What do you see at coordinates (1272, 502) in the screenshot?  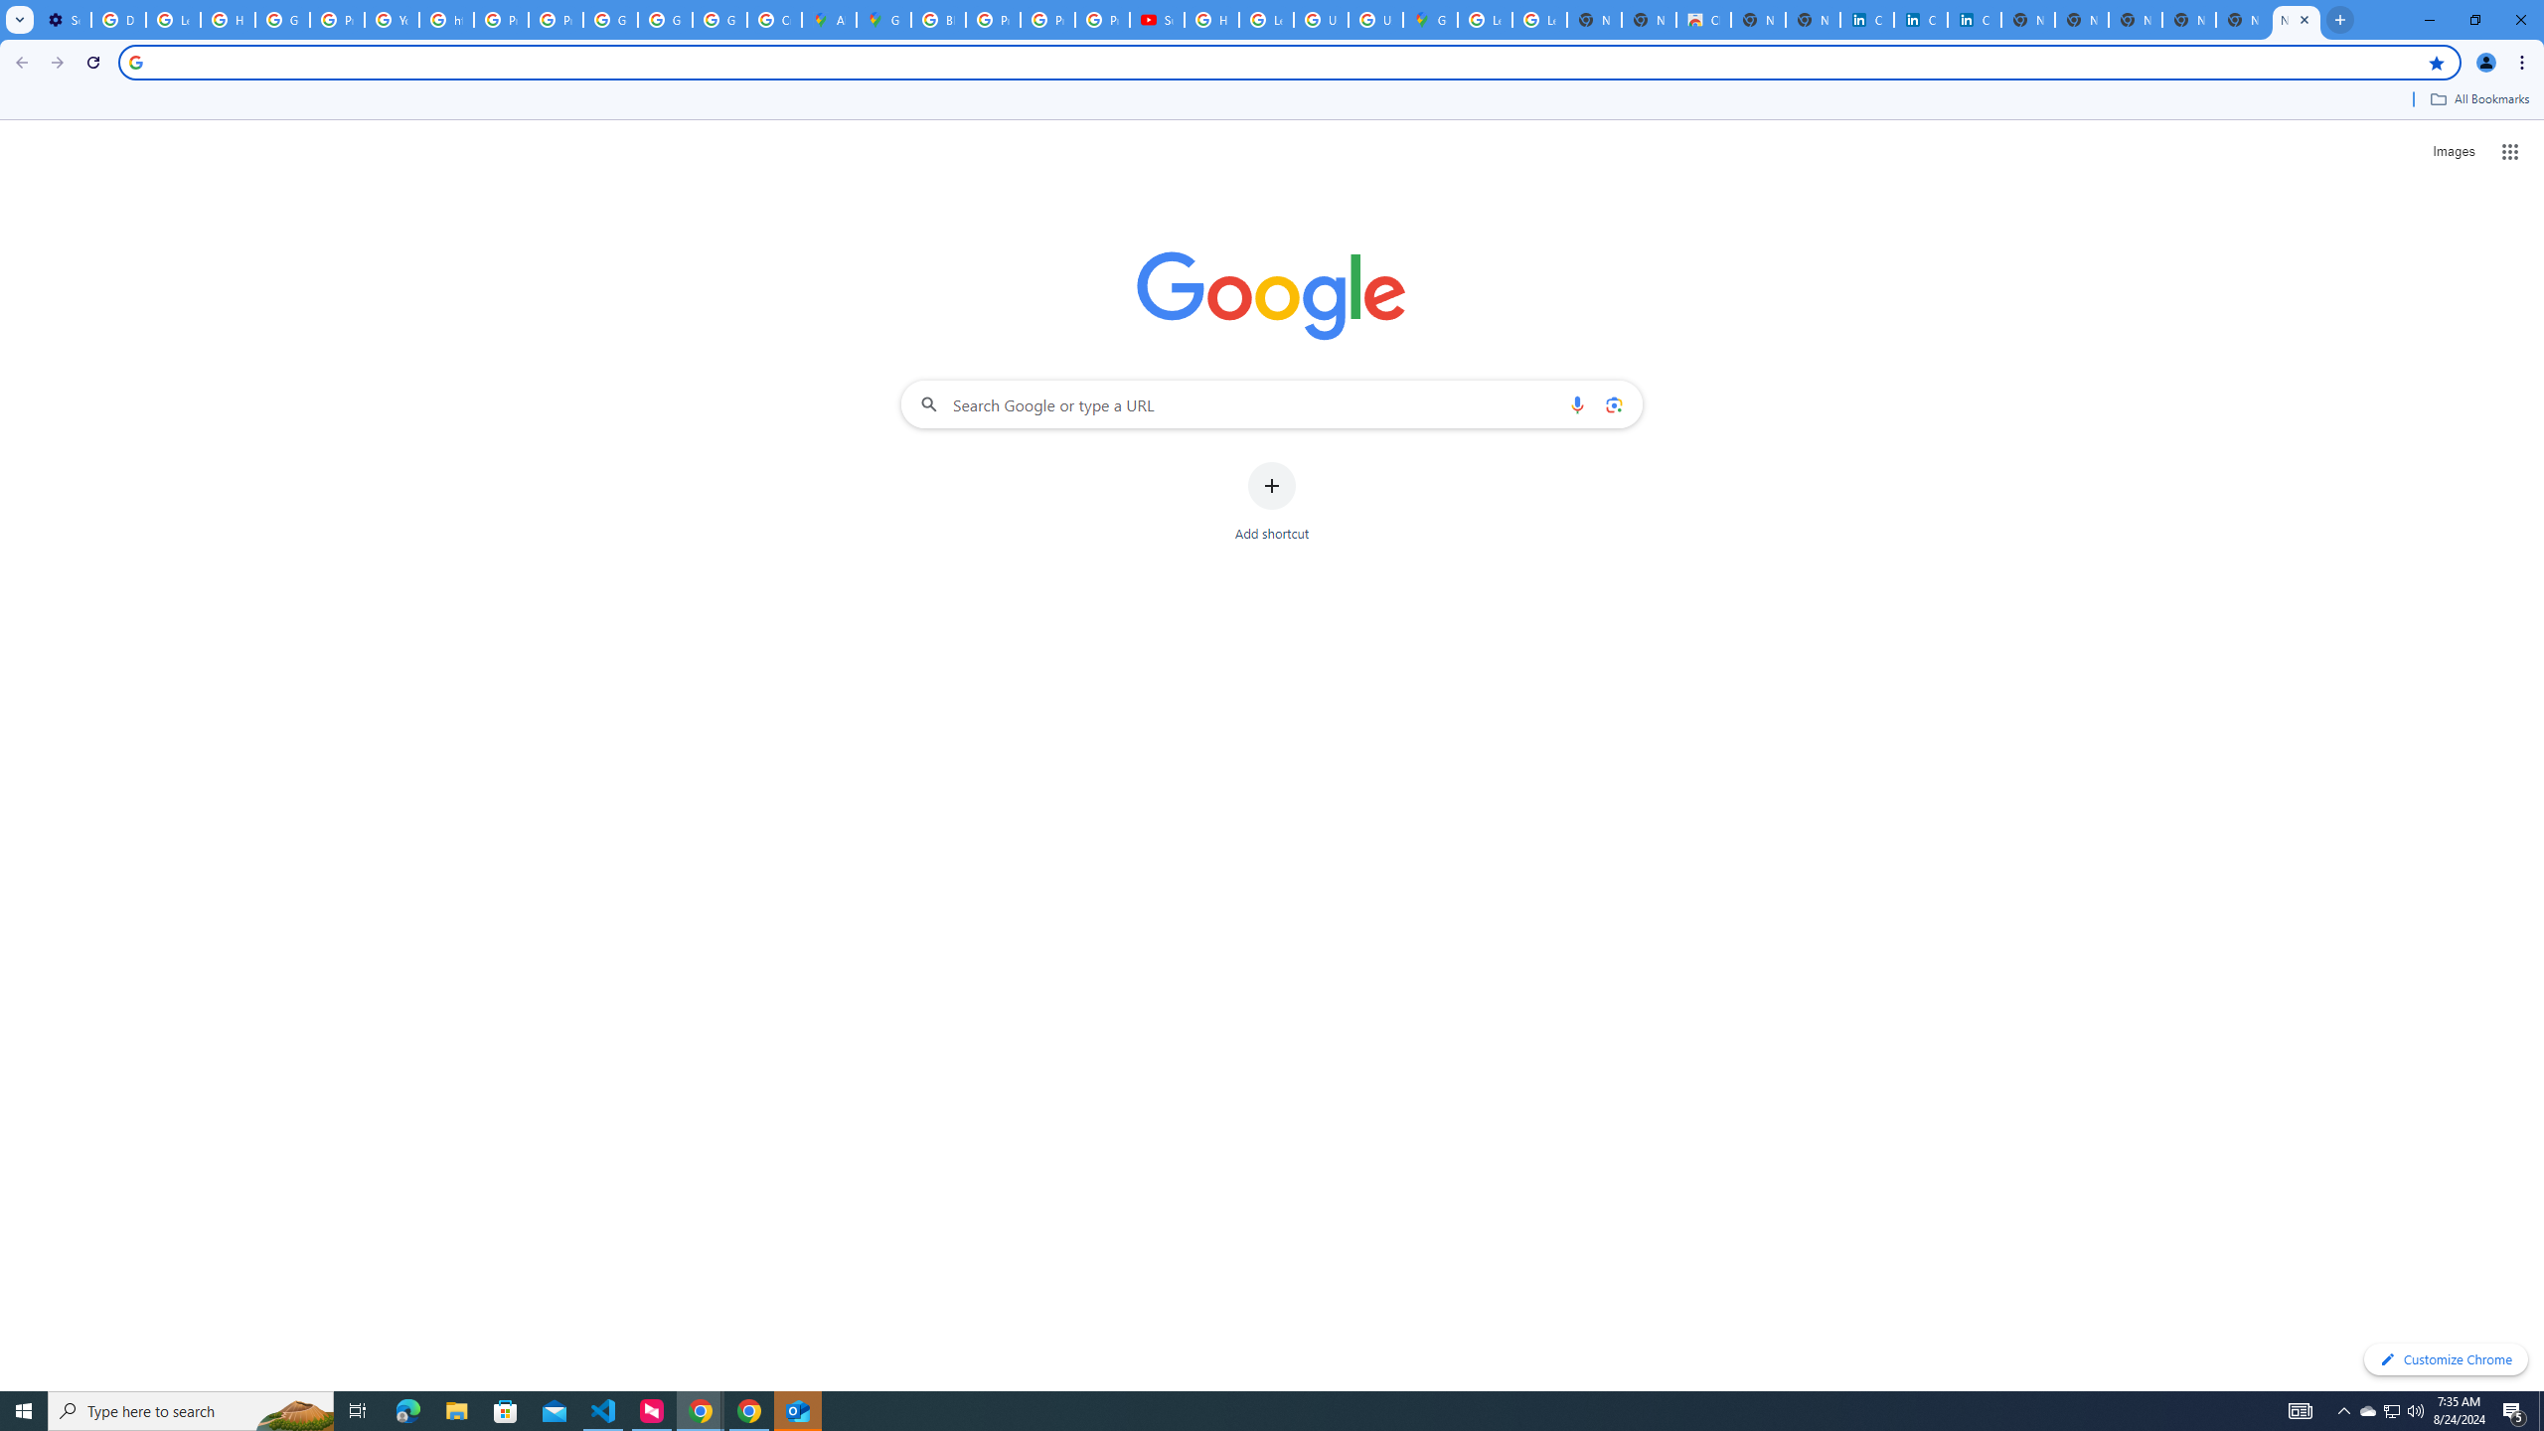 I see `'Add shortcut'` at bounding box center [1272, 502].